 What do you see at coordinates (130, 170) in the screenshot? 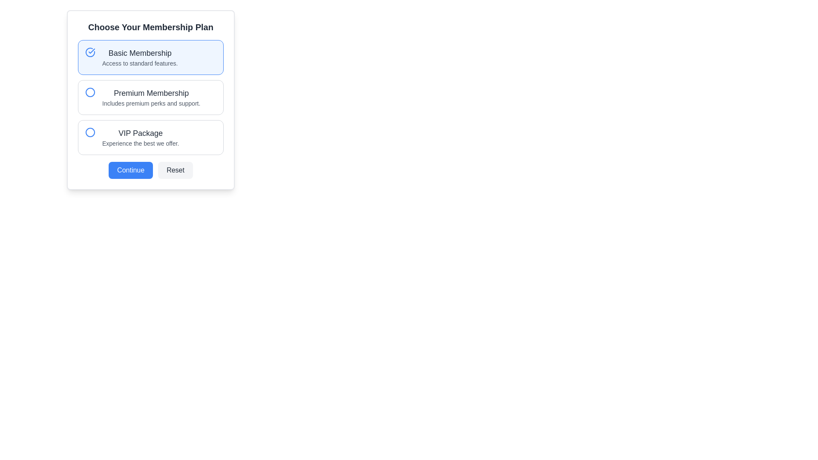
I see `the rectangular button with a blue background and white text that reads 'Continue' to observe the hover effect` at bounding box center [130, 170].